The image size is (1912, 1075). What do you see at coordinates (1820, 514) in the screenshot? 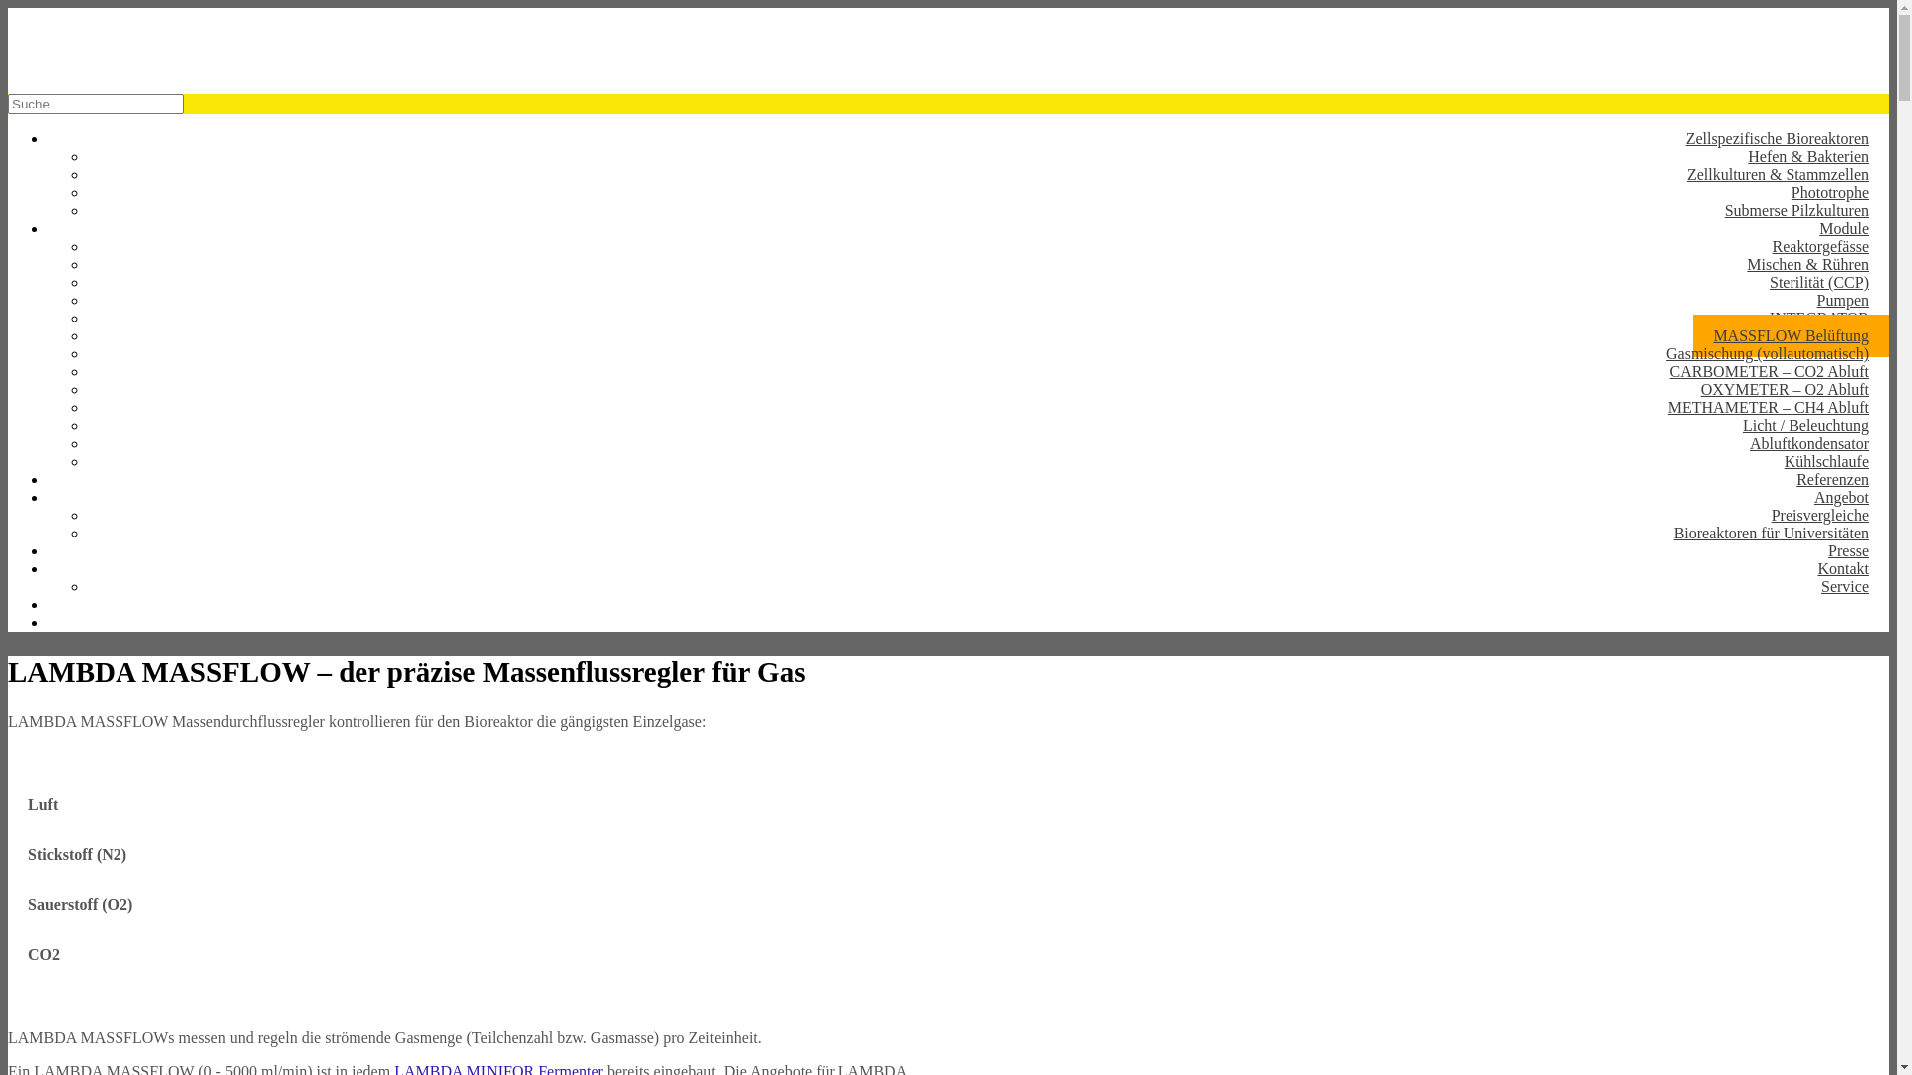
I see `'Preisvergleiche'` at bounding box center [1820, 514].